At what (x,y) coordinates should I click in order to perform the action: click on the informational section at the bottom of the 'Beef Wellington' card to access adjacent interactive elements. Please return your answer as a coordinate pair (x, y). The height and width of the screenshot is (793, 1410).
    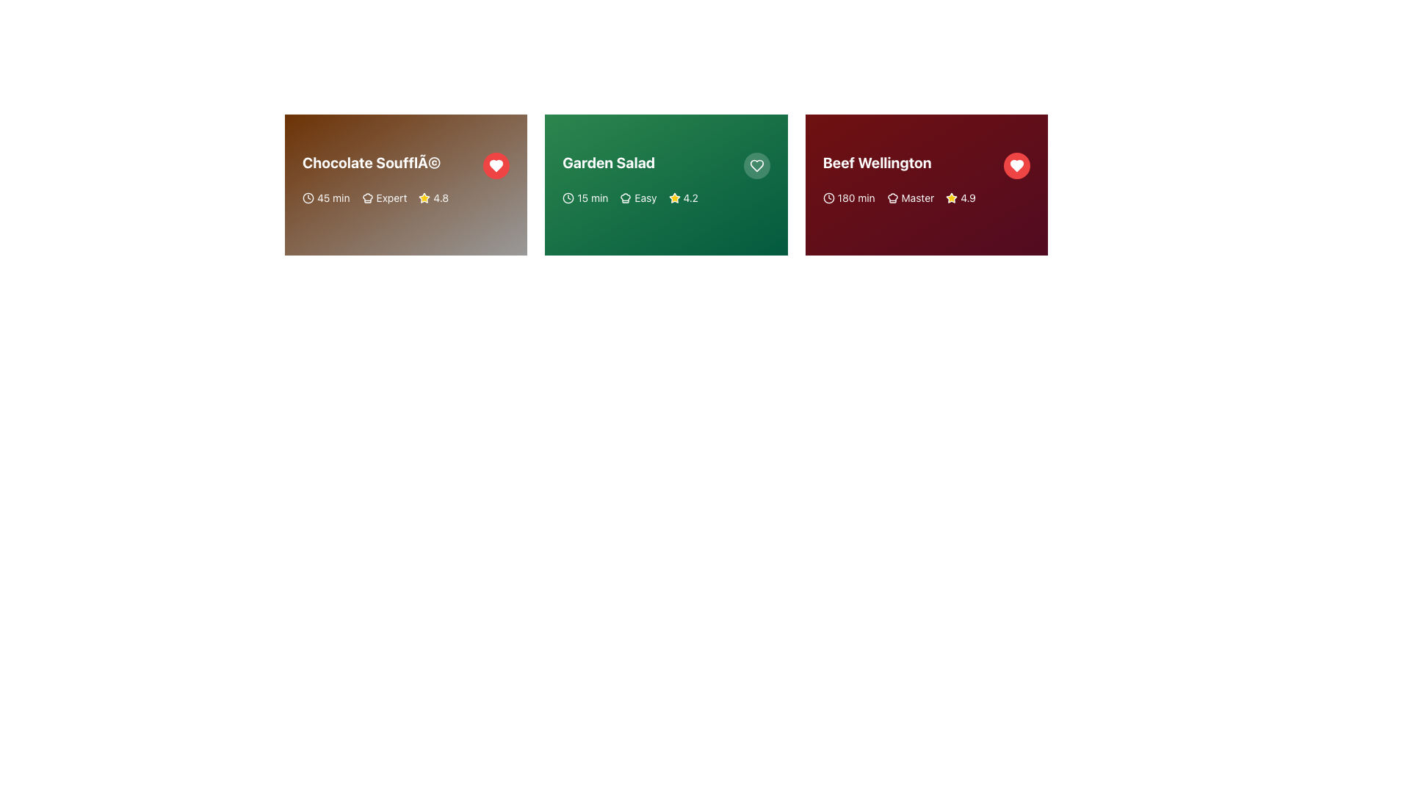
    Looking at the image, I should click on (925, 195).